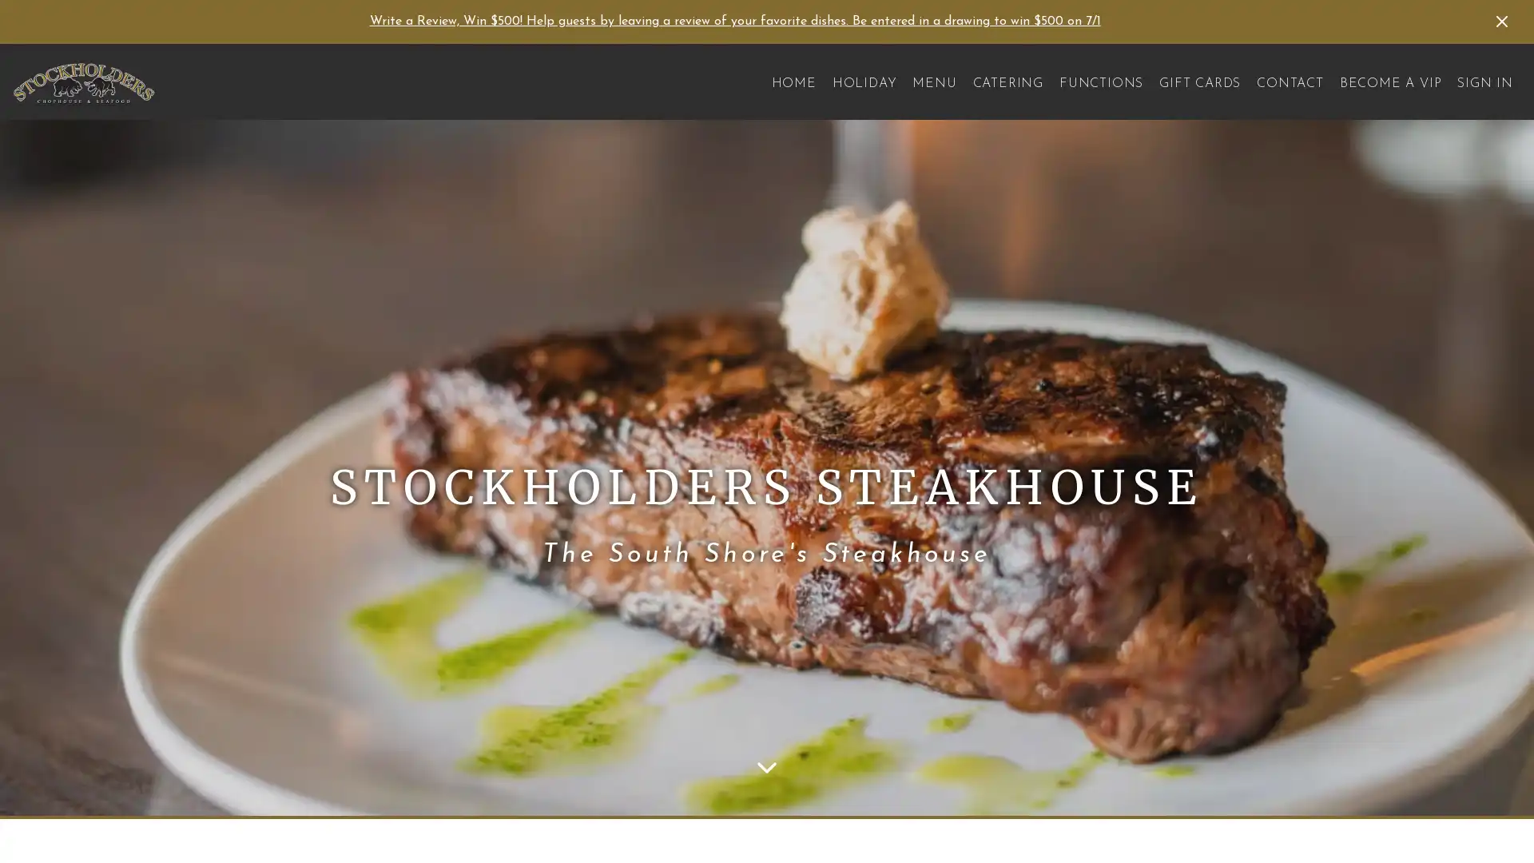 This screenshot has height=863, width=1534. Describe the element at coordinates (1501, 22) in the screenshot. I see `Dismiss Announcement` at that location.